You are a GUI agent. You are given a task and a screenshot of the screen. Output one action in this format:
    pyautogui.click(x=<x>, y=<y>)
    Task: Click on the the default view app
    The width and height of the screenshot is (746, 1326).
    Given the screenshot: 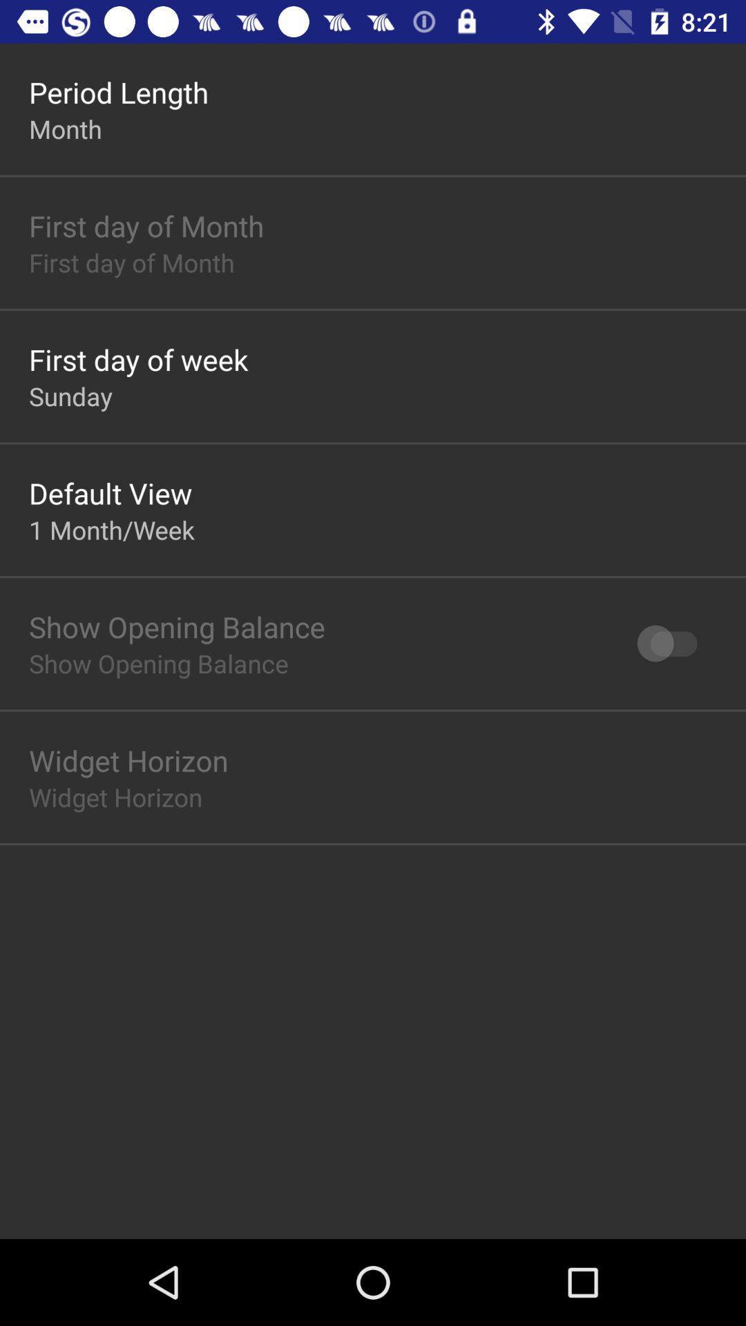 What is the action you would take?
    pyautogui.click(x=110, y=493)
    